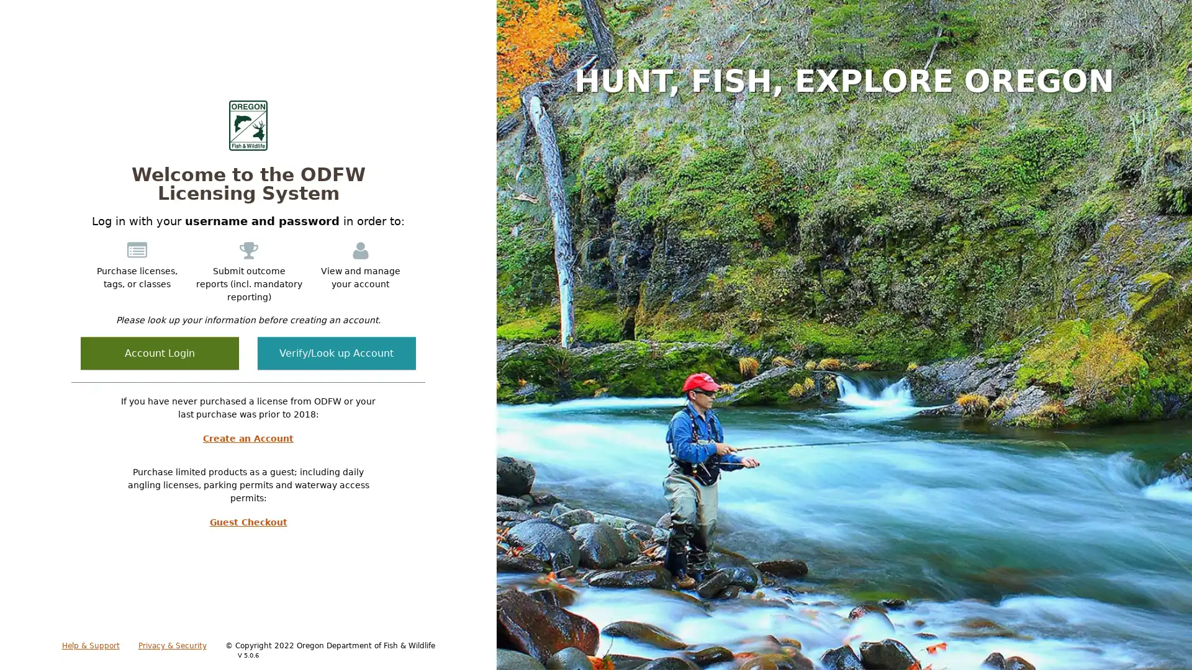 The width and height of the screenshot is (1192, 670). What do you see at coordinates (248, 437) in the screenshot?
I see `Create an Account` at bounding box center [248, 437].